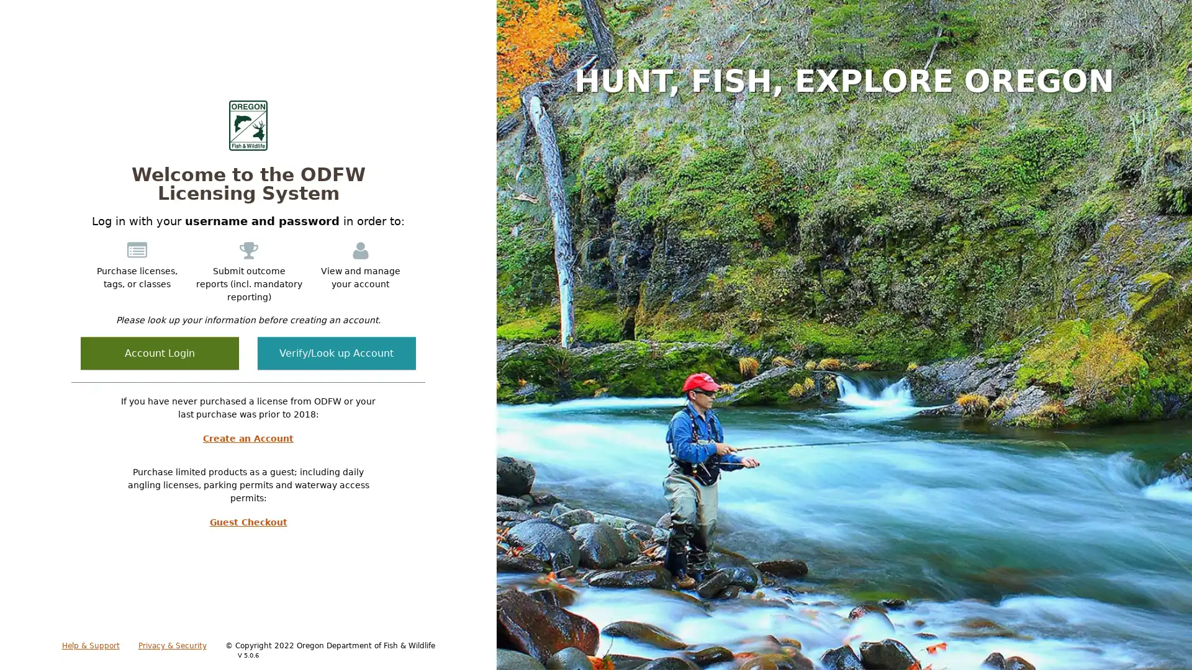 The width and height of the screenshot is (1192, 670). What do you see at coordinates (248, 437) in the screenshot?
I see `Create an Account` at bounding box center [248, 437].